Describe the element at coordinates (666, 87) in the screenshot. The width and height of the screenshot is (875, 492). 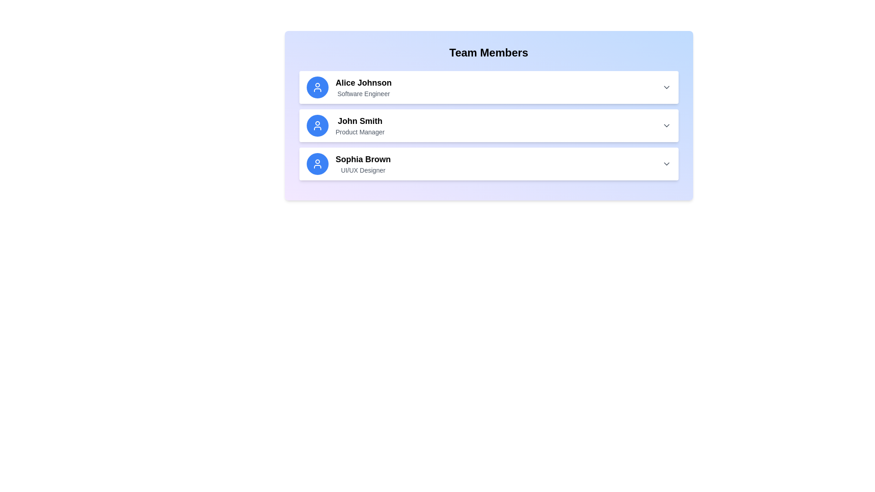
I see `the downward-pointing arrow icon at the far right of the 'Alice Johnson - Software Engineer' row` at that location.